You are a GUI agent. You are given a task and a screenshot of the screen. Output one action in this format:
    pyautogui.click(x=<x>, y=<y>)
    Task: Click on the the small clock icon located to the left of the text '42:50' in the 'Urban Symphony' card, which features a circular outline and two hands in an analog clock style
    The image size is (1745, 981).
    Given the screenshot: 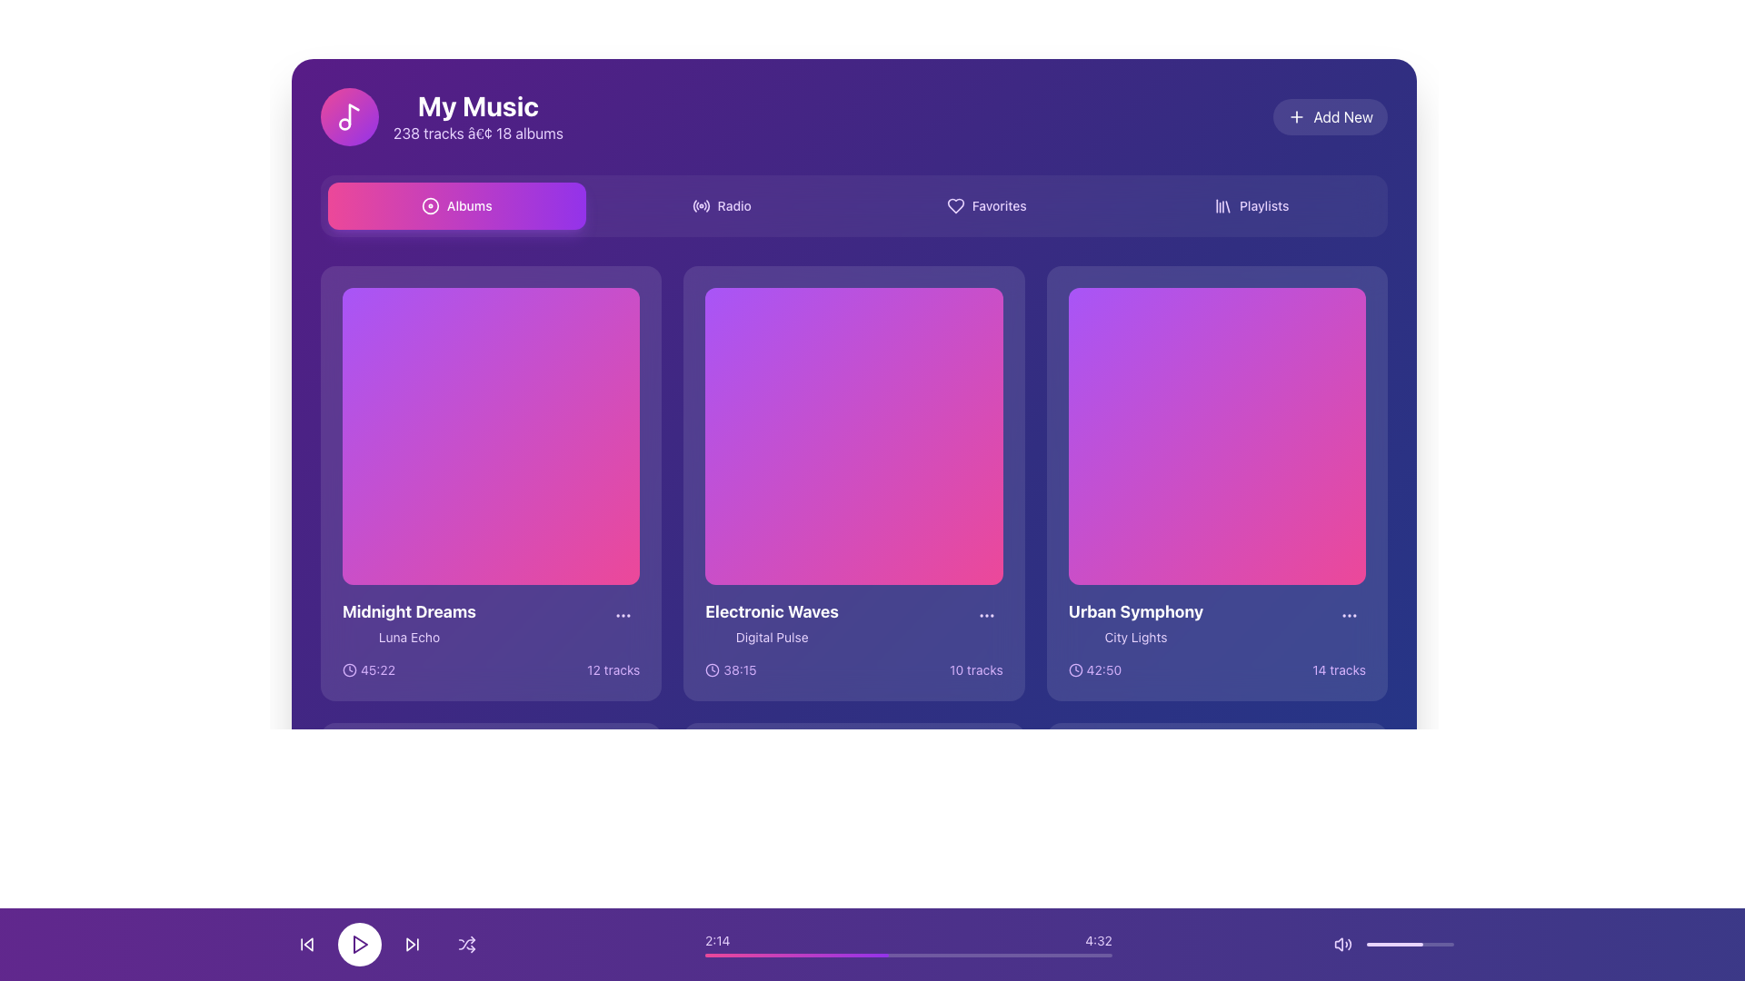 What is the action you would take?
    pyautogui.click(x=1075, y=670)
    